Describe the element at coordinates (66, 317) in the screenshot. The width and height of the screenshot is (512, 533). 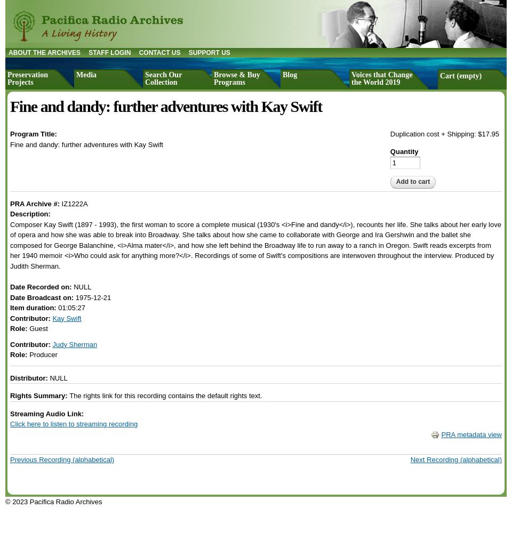
I see `'Kay Swift'` at that location.